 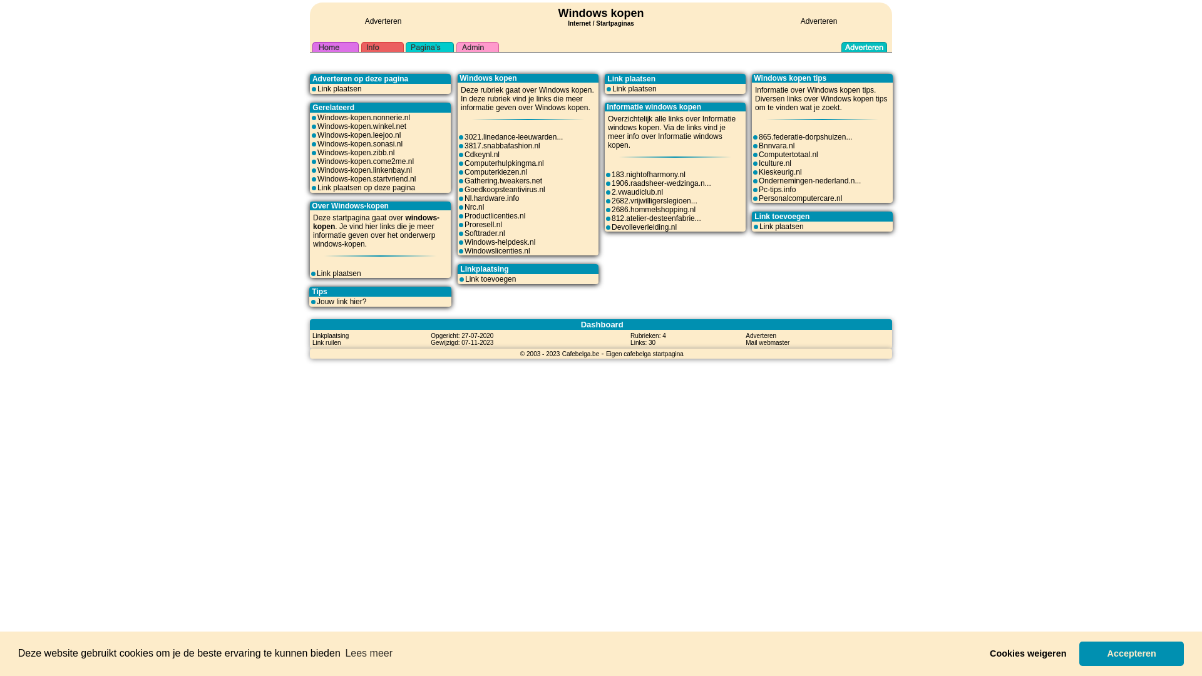 What do you see at coordinates (317, 135) in the screenshot?
I see `'Windows-kopen.leejoo.nl'` at bounding box center [317, 135].